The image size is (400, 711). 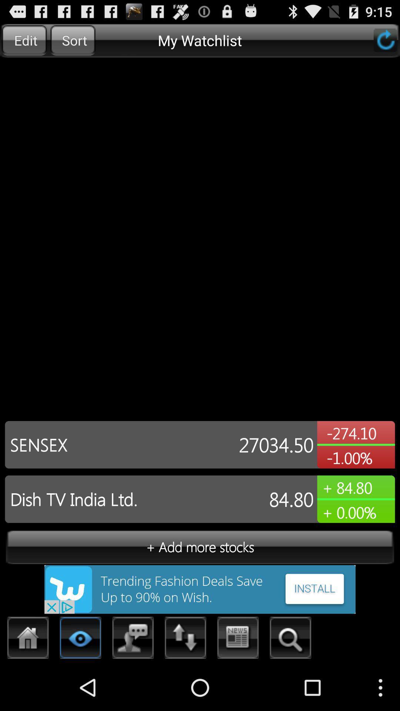 I want to click on advertisement, so click(x=200, y=589).